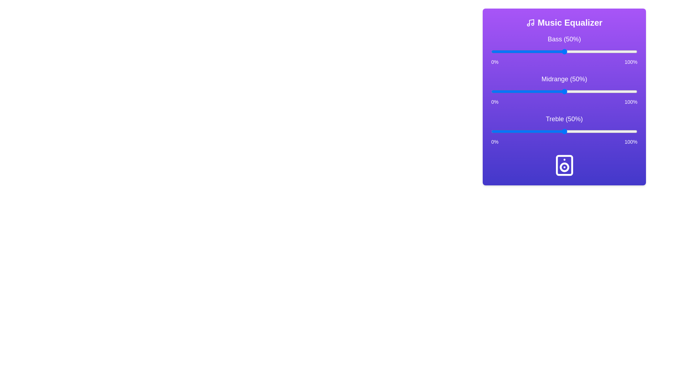 This screenshot has height=385, width=686. I want to click on the bass slider to 83%, so click(612, 51).